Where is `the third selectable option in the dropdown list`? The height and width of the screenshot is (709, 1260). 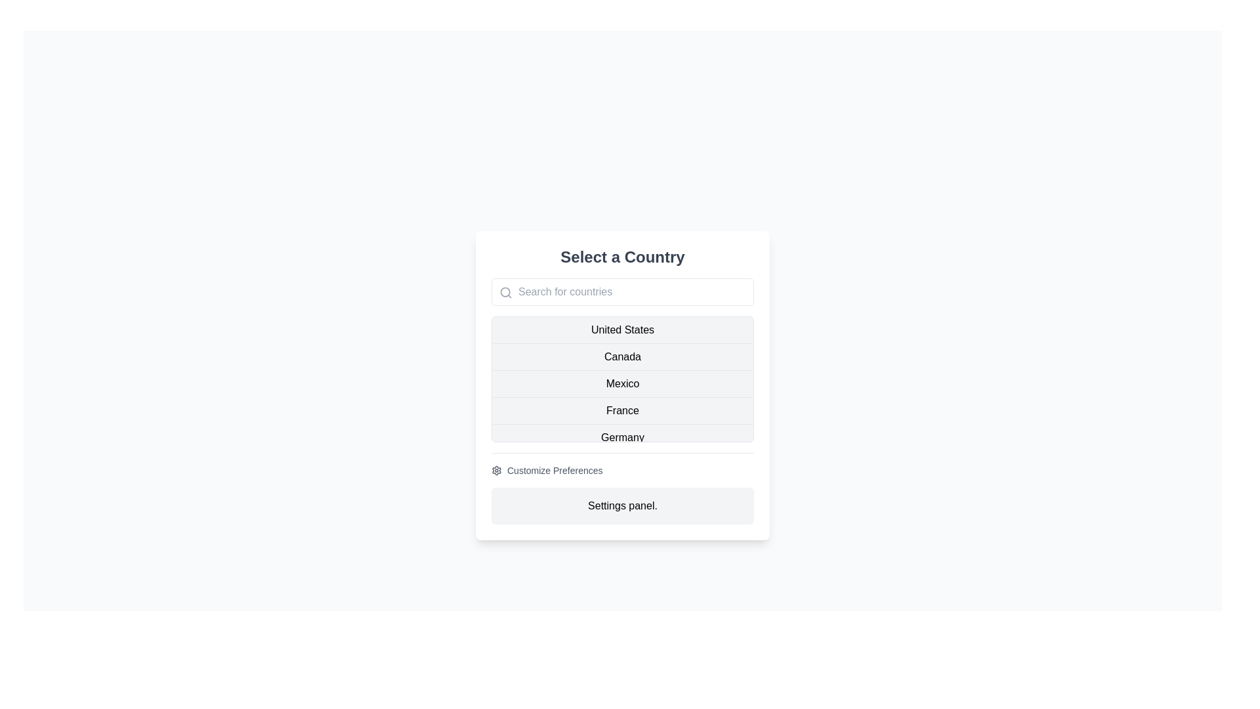
the third selectable option in the dropdown list is located at coordinates (622, 383).